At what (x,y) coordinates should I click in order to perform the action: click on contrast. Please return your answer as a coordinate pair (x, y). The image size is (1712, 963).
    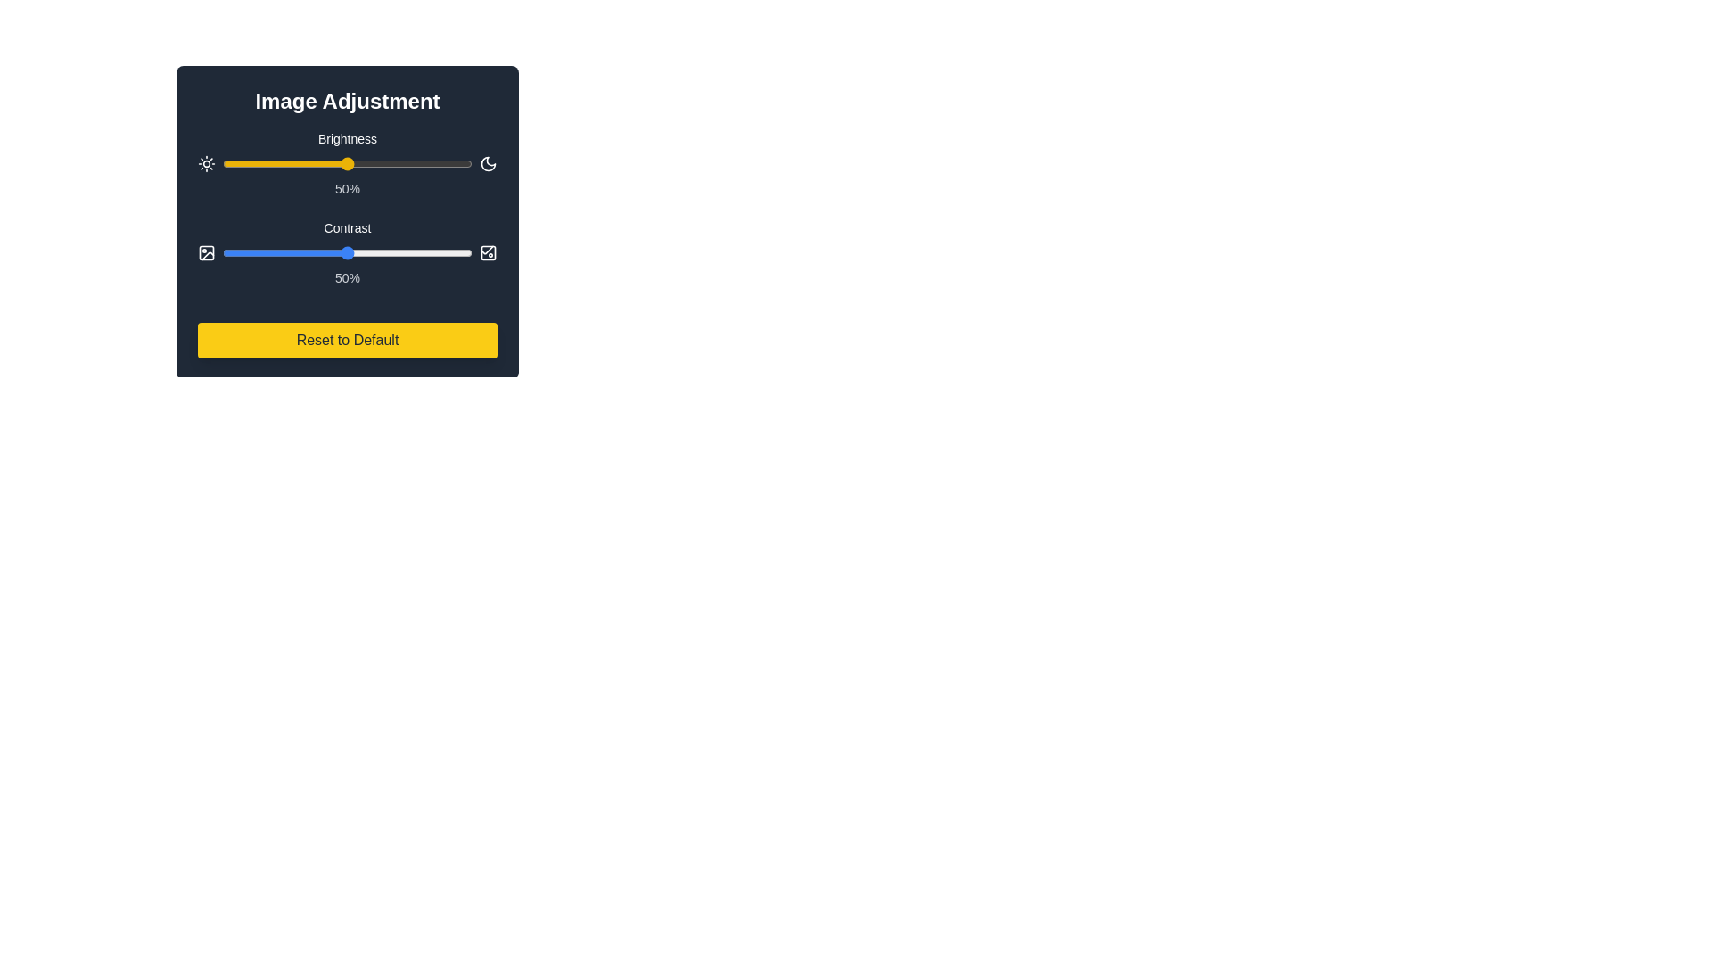
    Looking at the image, I should click on (437, 253).